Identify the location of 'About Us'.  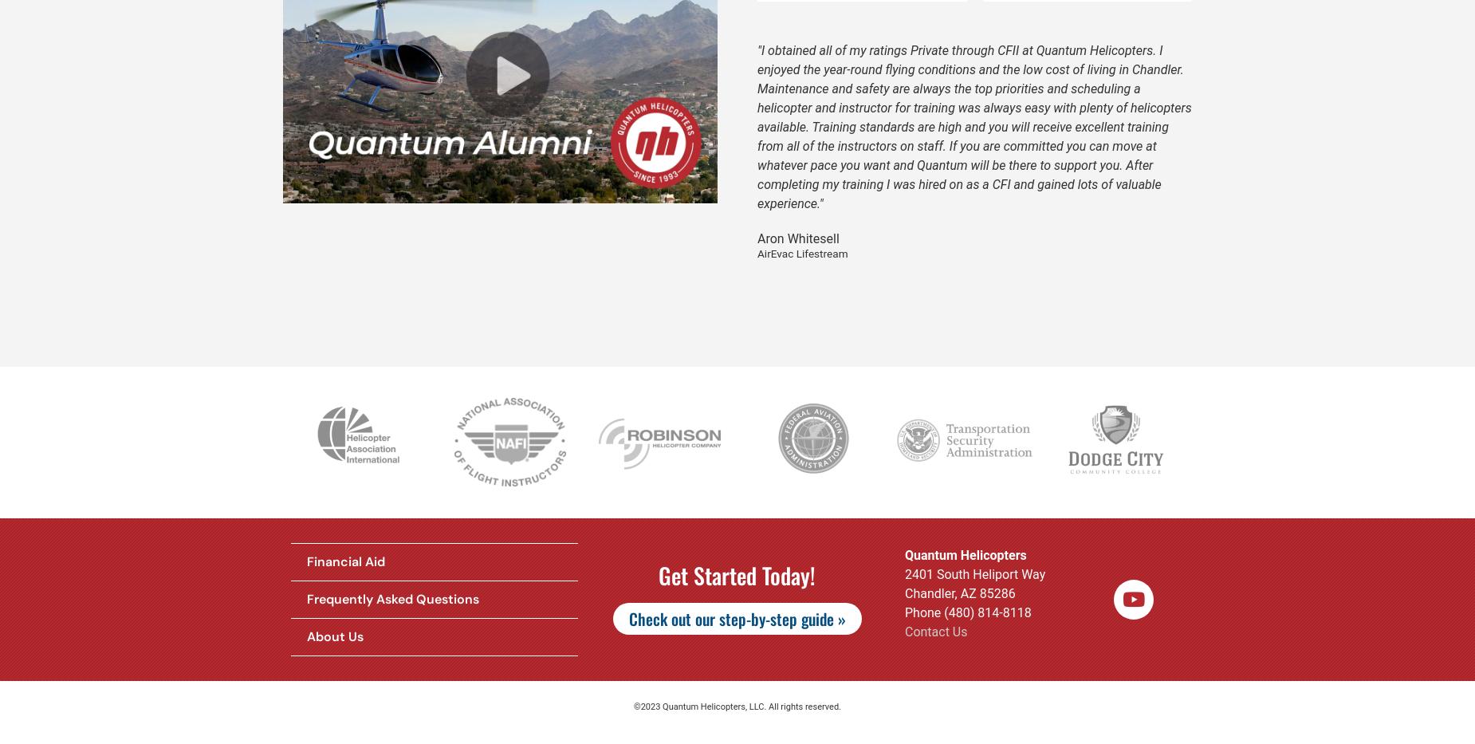
(334, 636).